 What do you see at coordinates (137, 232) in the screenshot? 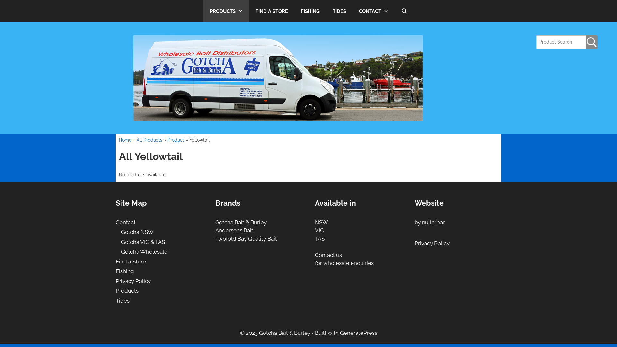
I see `'Gotcha NSW'` at bounding box center [137, 232].